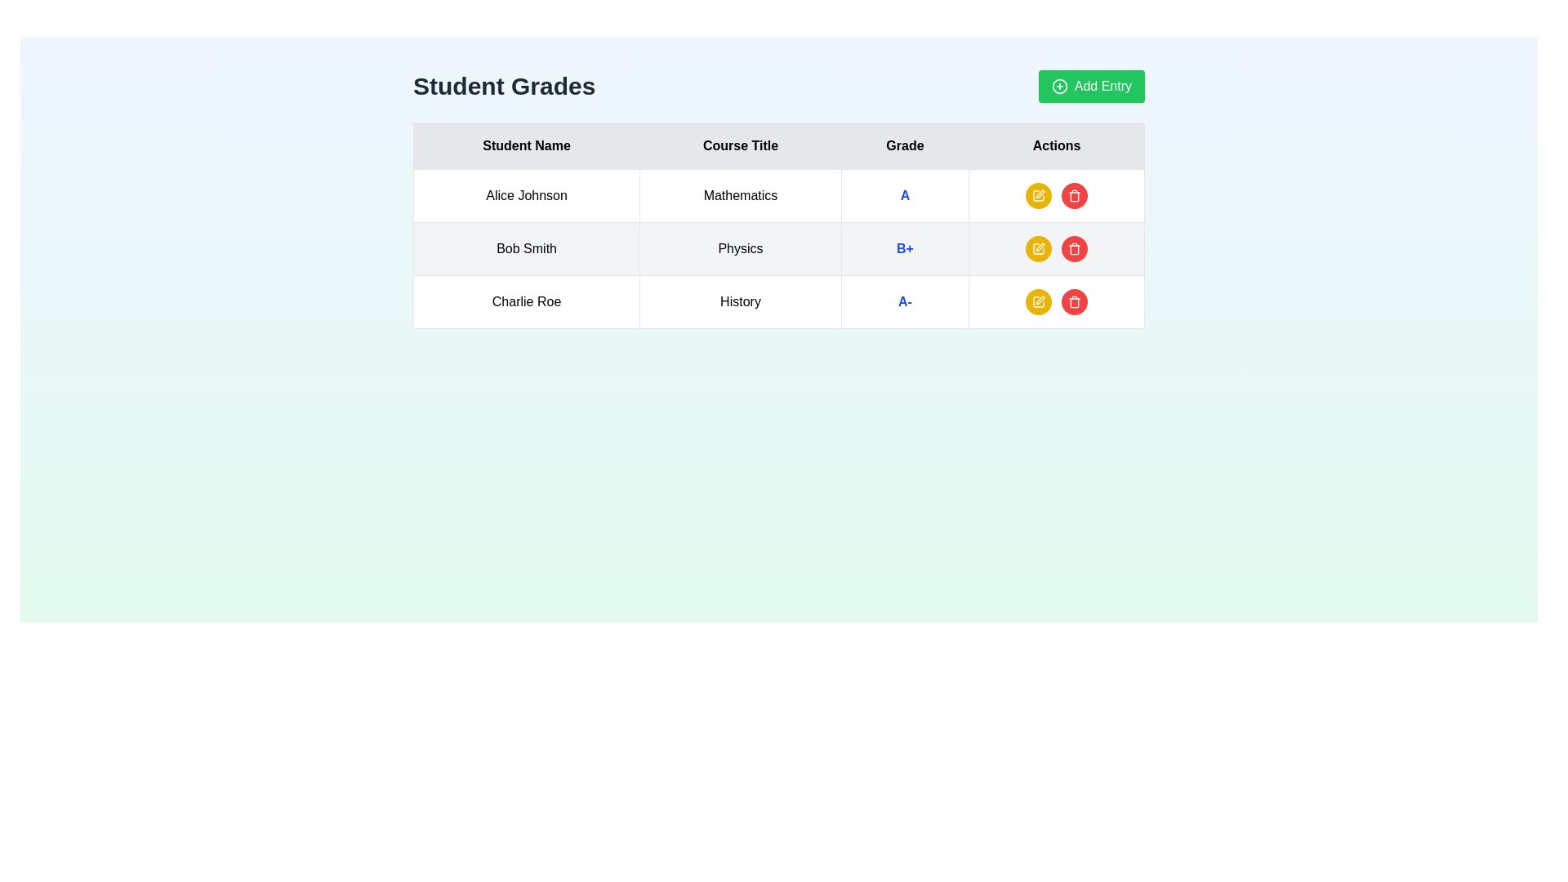  I want to click on the appearance of the filled circular icon within the 'Add Entry' button located at the top-right corner of the interface above the data table, so click(1059, 86).